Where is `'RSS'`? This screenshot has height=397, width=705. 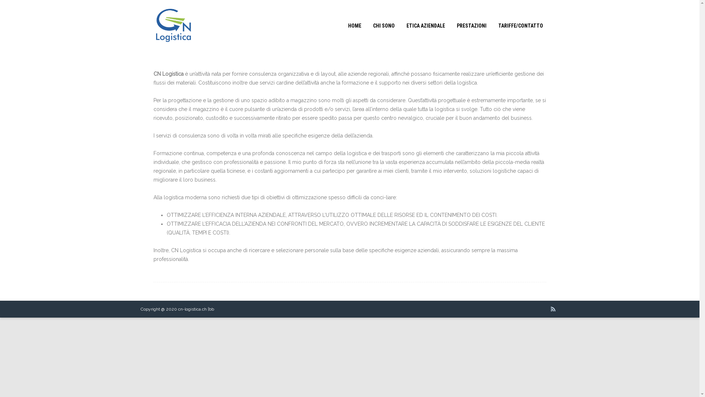
'RSS' is located at coordinates (553, 309).